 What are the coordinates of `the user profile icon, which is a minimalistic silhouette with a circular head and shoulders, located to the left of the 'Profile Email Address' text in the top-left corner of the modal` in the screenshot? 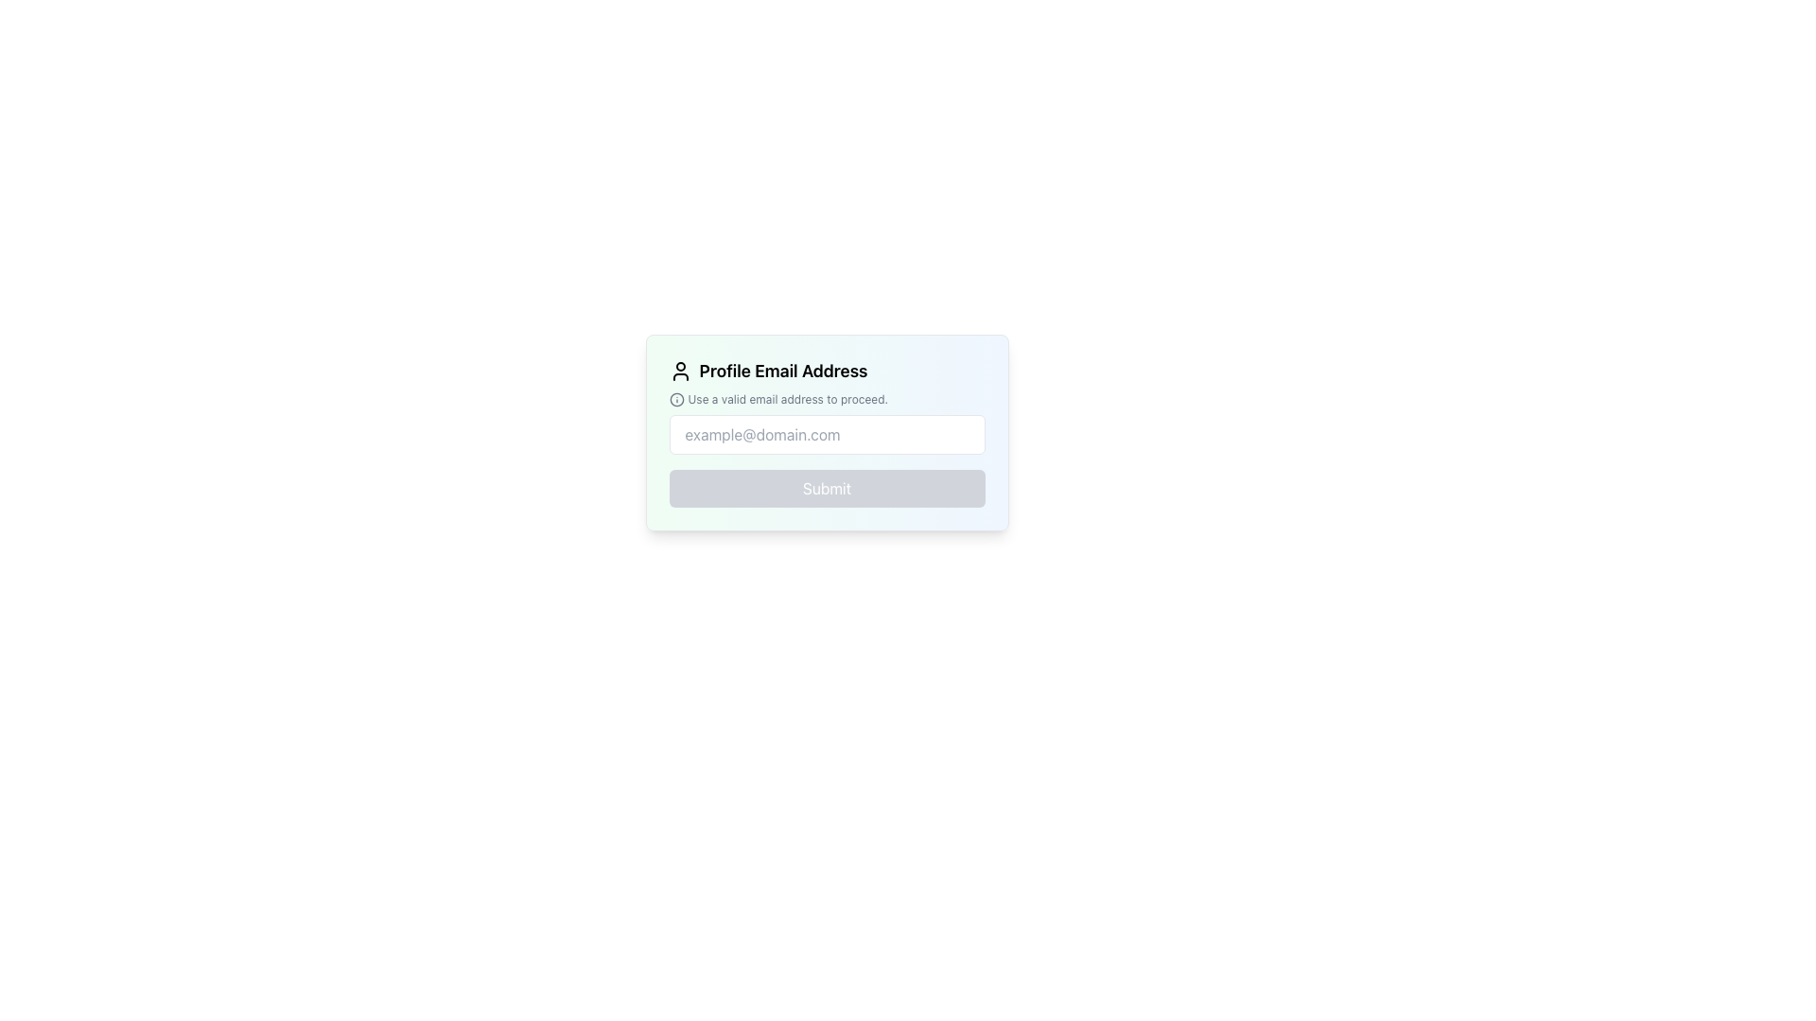 It's located at (680, 372).